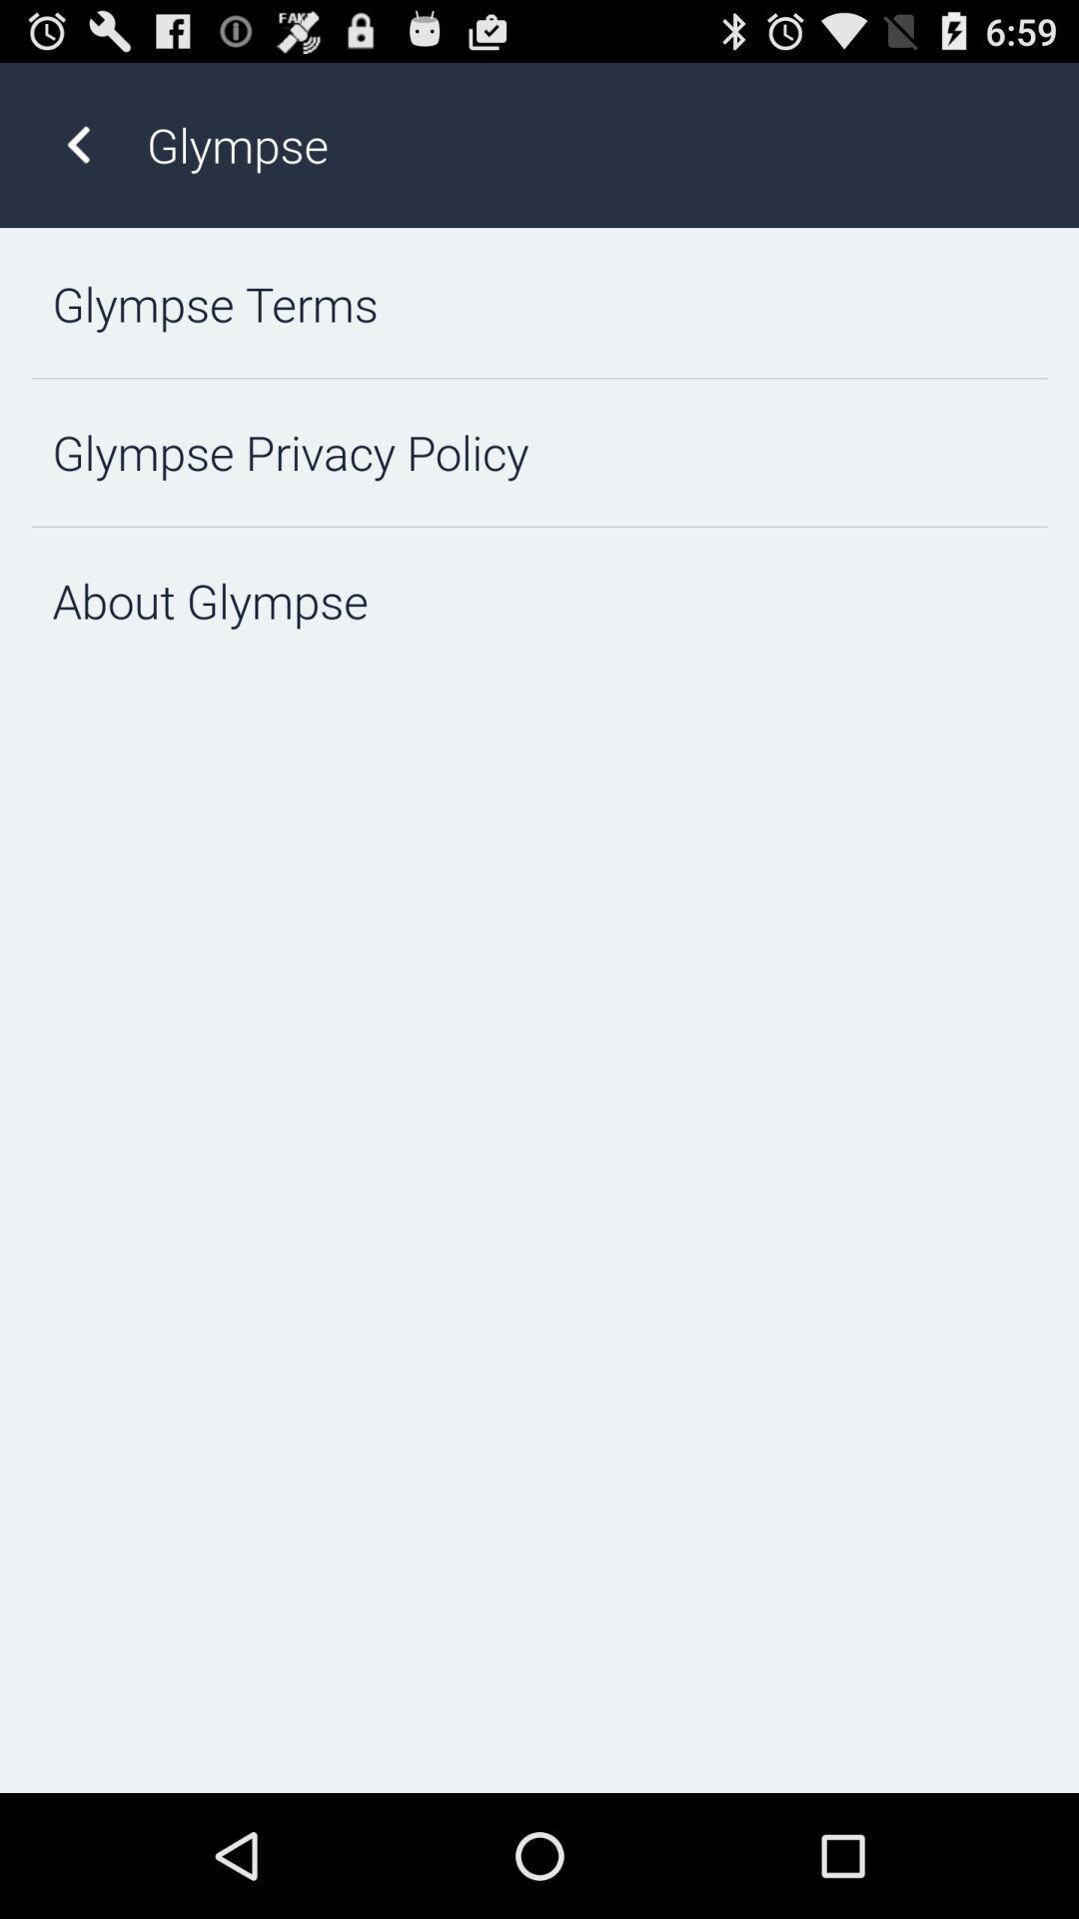 The image size is (1079, 1919). What do you see at coordinates (77, 144) in the screenshot?
I see `the icon at the top left corner` at bounding box center [77, 144].